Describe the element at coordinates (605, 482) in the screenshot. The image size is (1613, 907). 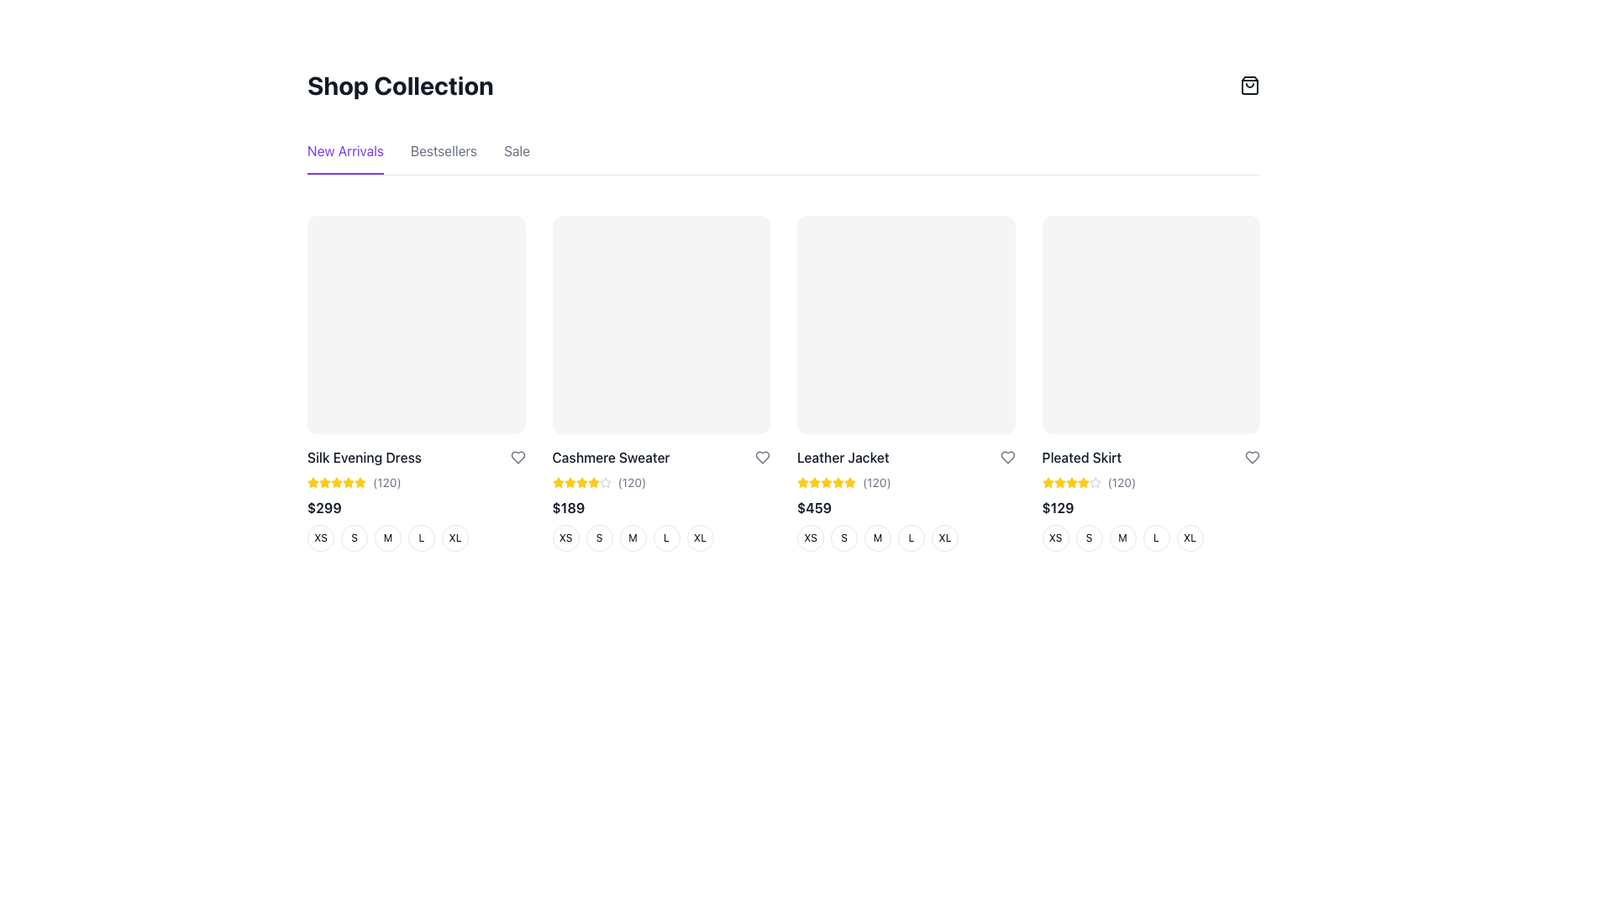
I see `the fifth star icon in the rating system for the 'Cashmere Sweater'` at that location.